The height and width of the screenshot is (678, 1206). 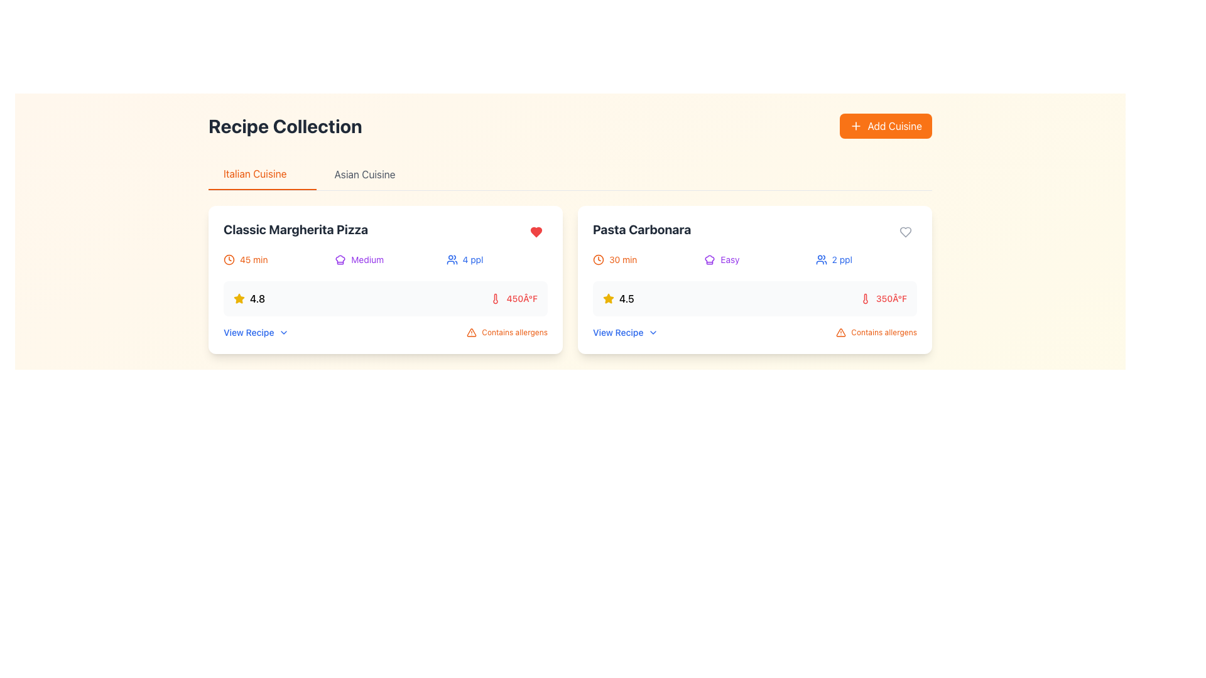 What do you see at coordinates (642, 230) in the screenshot?
I see `text content of the prominent text label displaying 'Pasta Carbonara', which is styled in bold and large font at the top-left corner of the recipe card` at bounding box center [642, 230].